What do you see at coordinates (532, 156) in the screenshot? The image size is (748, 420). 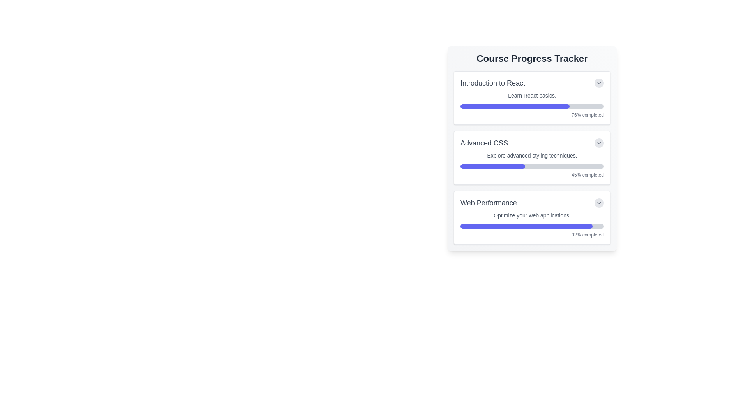 I see `the descriptive subheading text for the 'Advanced CSS' course, which is the second visible text element within the card, located below the header and above the progress bar` at bounding box center [532, 156].